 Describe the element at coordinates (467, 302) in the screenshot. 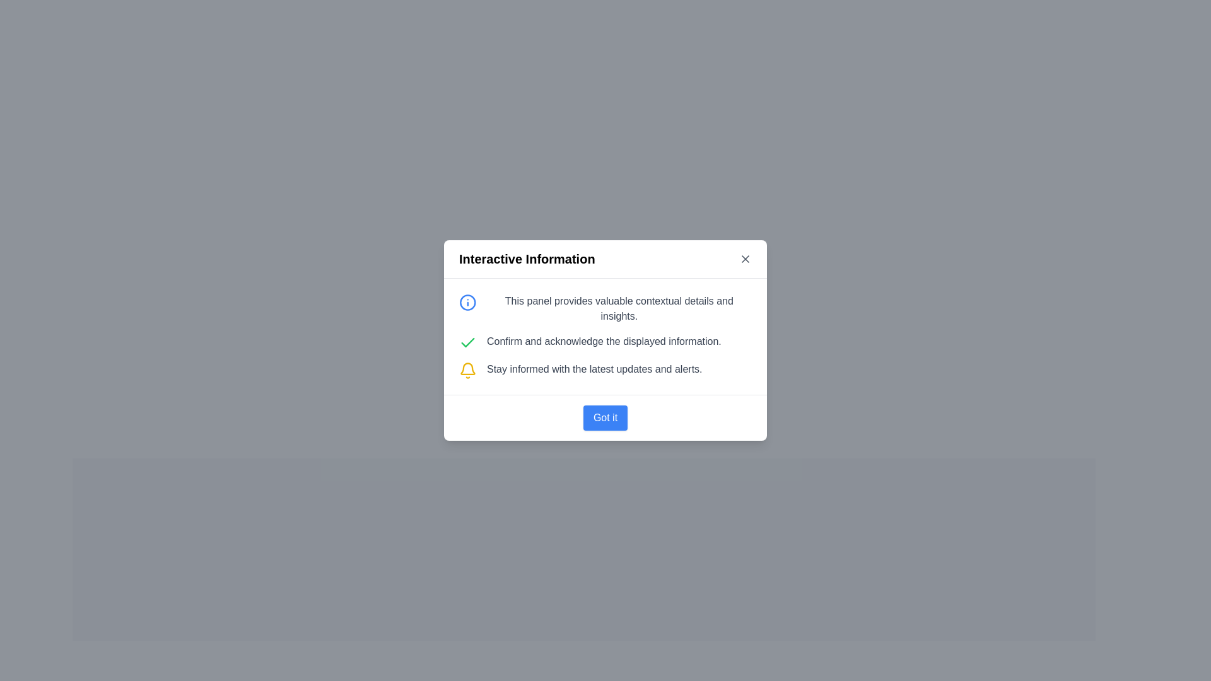

I see `the informational icon located at the top section of the modal dialog box` at that location.